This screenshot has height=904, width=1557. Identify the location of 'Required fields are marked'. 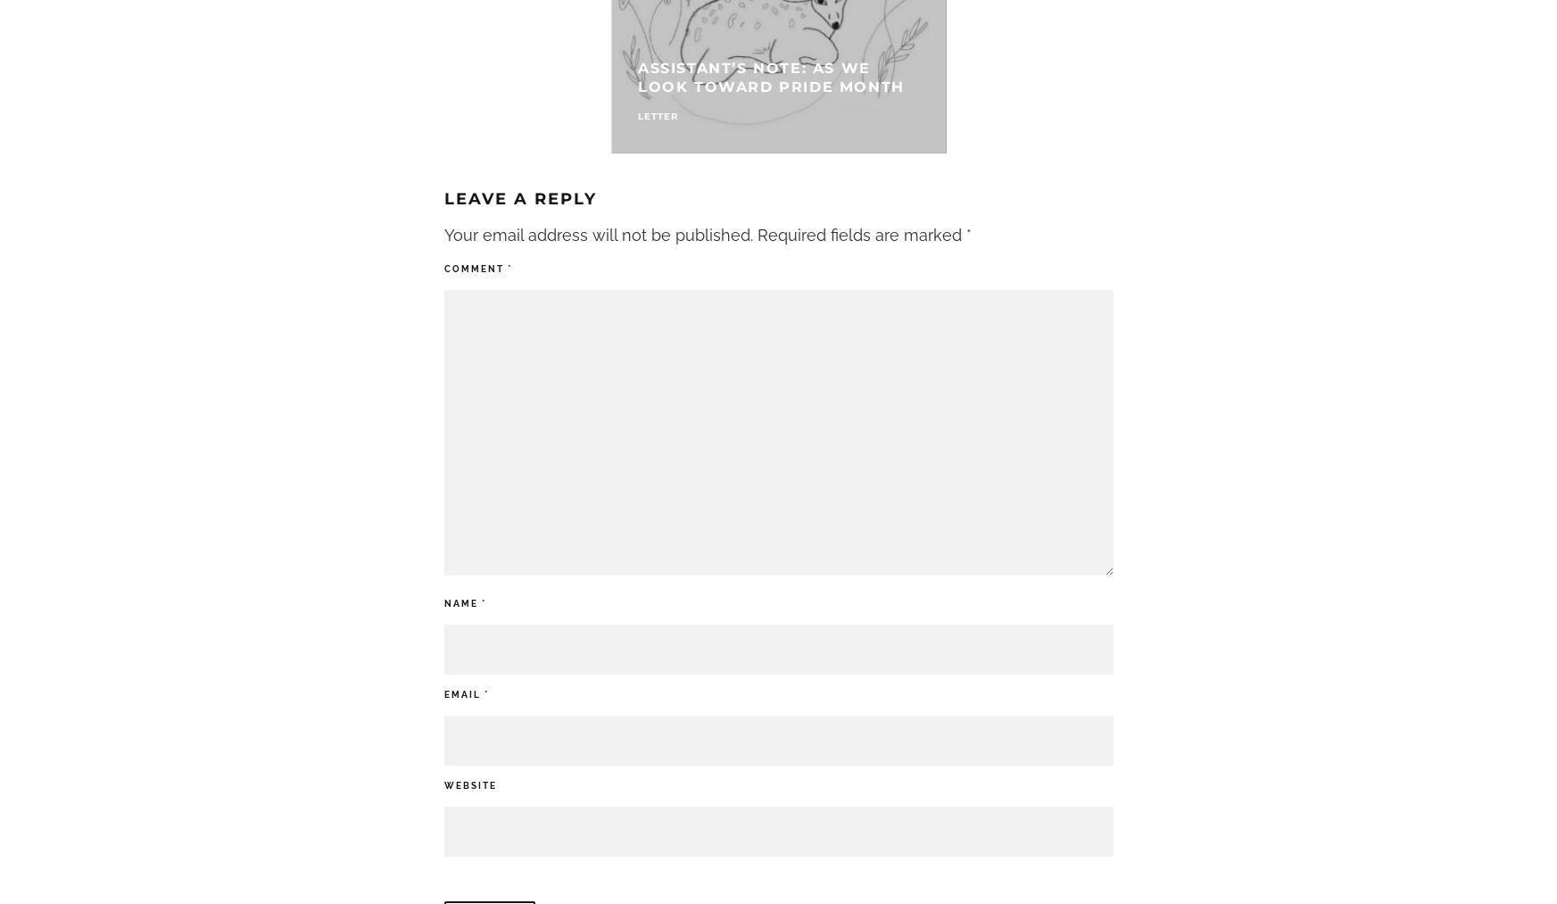
(860, 233).